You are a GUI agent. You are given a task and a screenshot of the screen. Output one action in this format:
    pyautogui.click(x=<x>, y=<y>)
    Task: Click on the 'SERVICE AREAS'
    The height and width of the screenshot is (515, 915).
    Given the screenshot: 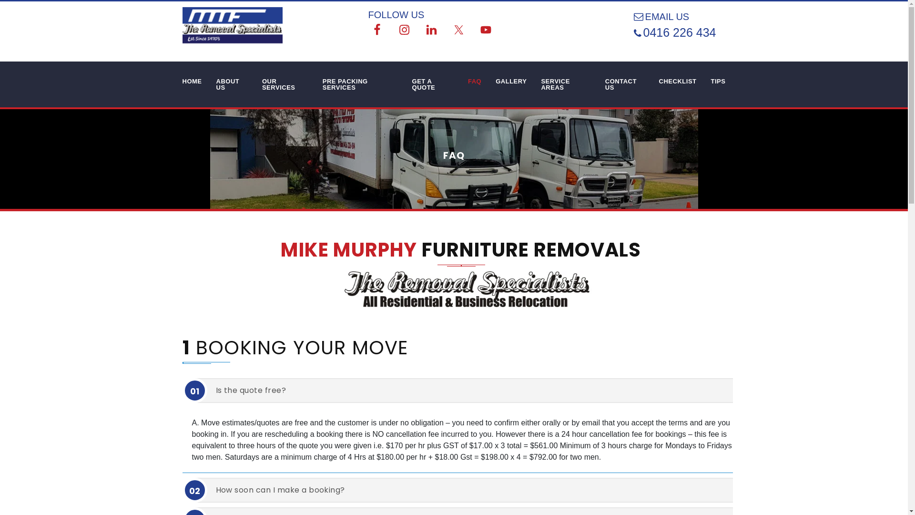 What is the action you would take?
    pyautogui.click(x=565, y=84)
    